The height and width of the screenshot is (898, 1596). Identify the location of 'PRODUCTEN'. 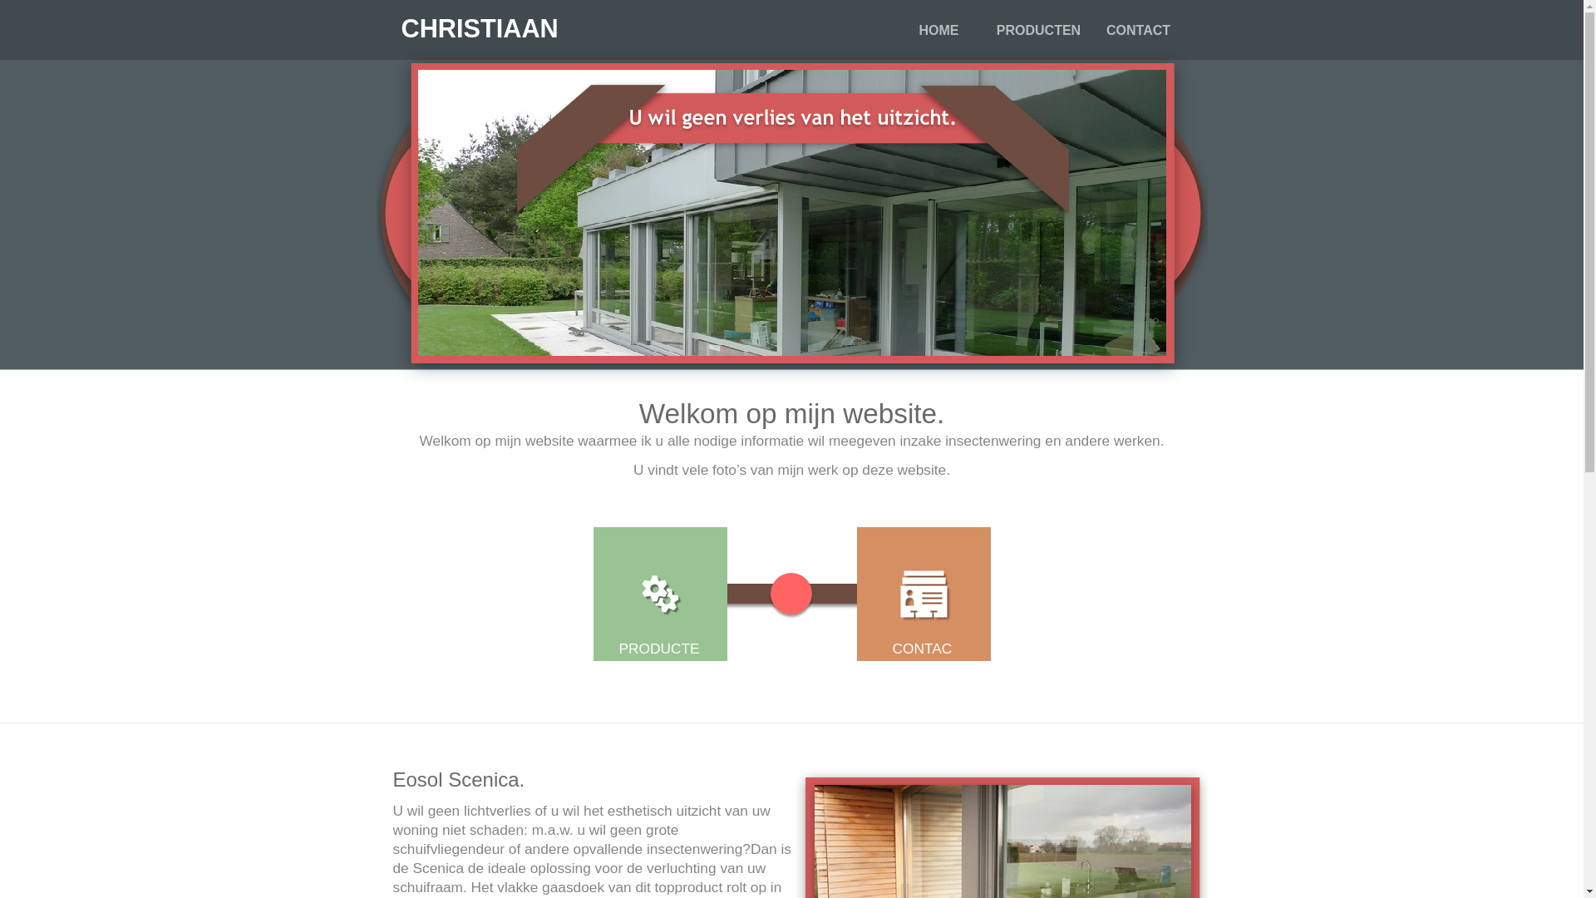
(1037, 31).